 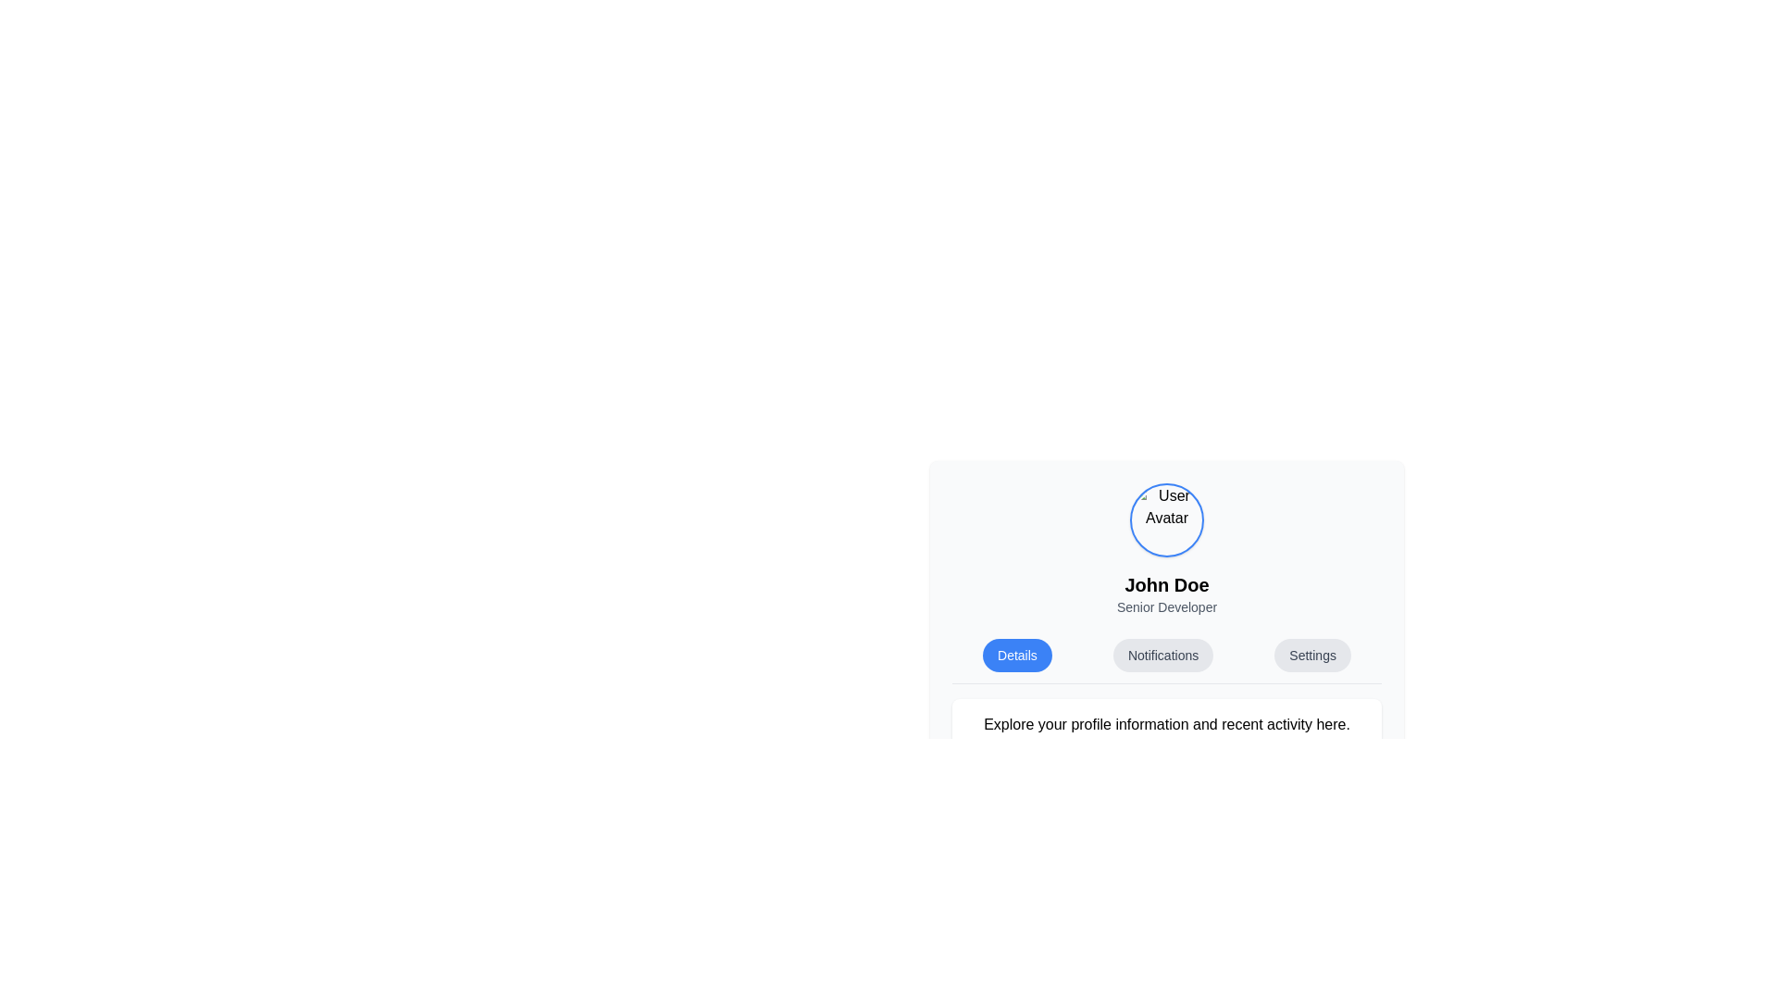 I want to click on the 'Settings' button, which is a rounded rectangular button with a light gray background and darker gray text, positioned at the far right of a group of three buttons below a user profile card, so click(x=1311, y=655).